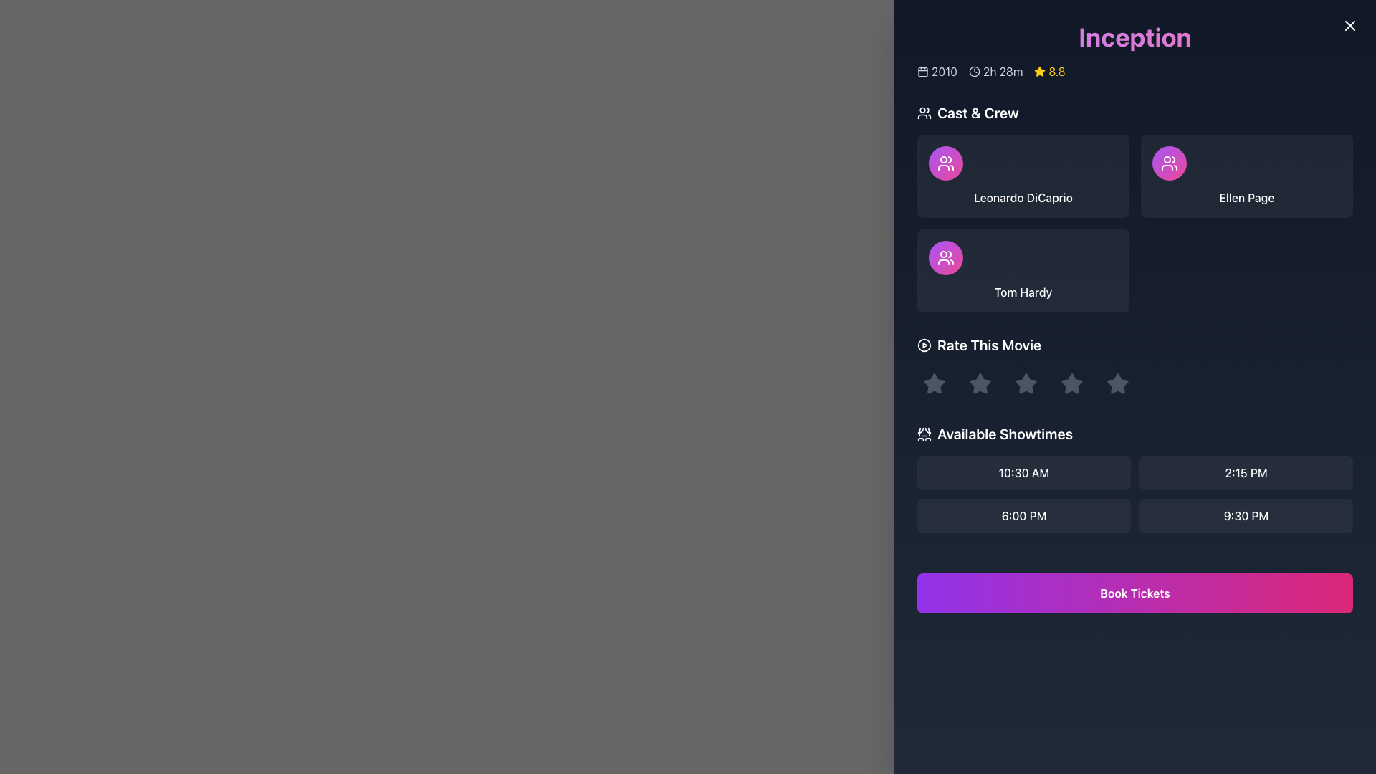 Image resolution: width=1376 pixels, height=774 pixels. I want to click on the group of people icon in the 'Cast & Crew' section, which has a minimalistic design with a white silhouette on a vibrant purple-pink gradient background, located at the top-right corner of the card with 'Ellen Page' text below it, so click(946, 257).